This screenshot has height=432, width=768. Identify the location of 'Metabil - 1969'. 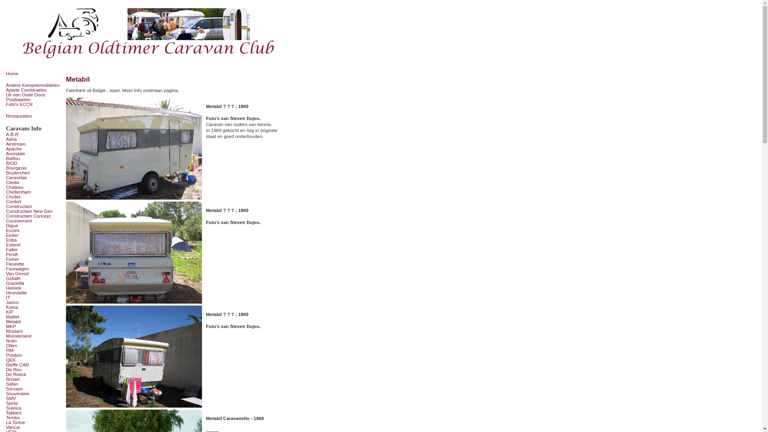
(134, 148).